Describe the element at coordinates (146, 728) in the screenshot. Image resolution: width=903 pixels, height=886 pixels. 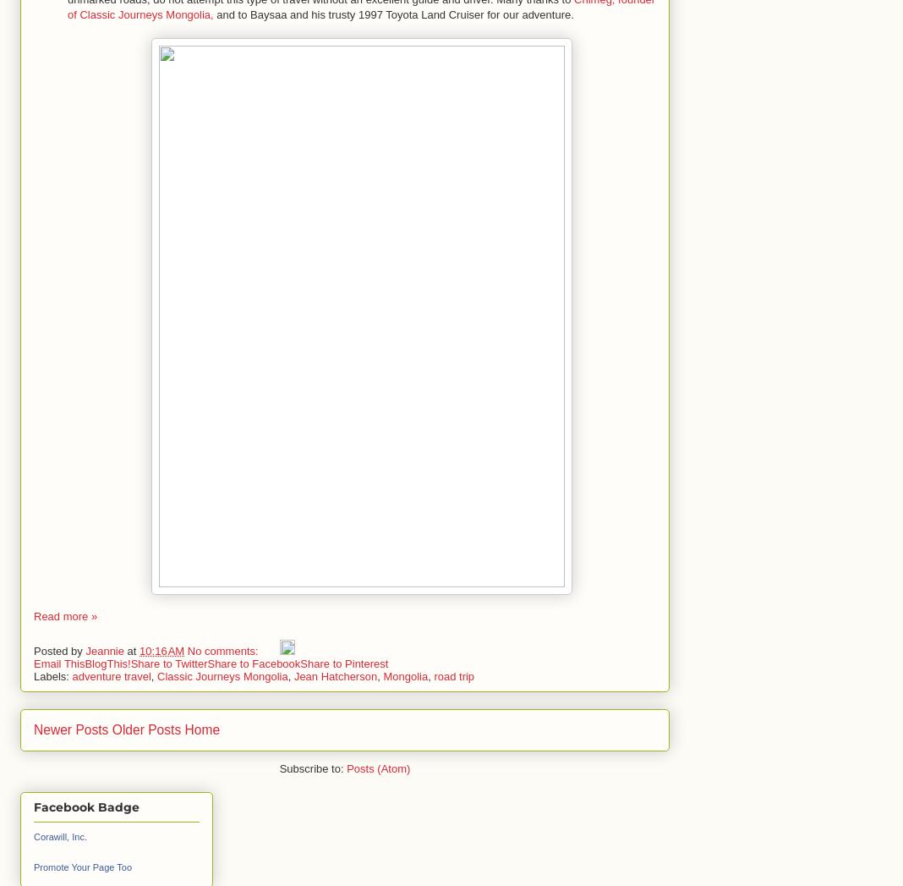
I see `'Older Posts'` at that location.